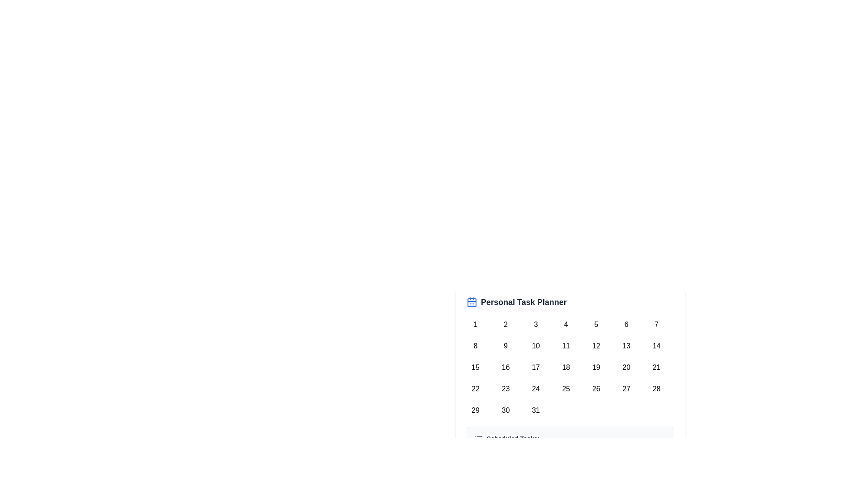  What do you see at coordinates (536, 411) in the screenshot?
I see `the button representing a selectable day in the calendar grid located in the bottom-right corner, specifically the last row and last column` at bounding box center [536, 411].